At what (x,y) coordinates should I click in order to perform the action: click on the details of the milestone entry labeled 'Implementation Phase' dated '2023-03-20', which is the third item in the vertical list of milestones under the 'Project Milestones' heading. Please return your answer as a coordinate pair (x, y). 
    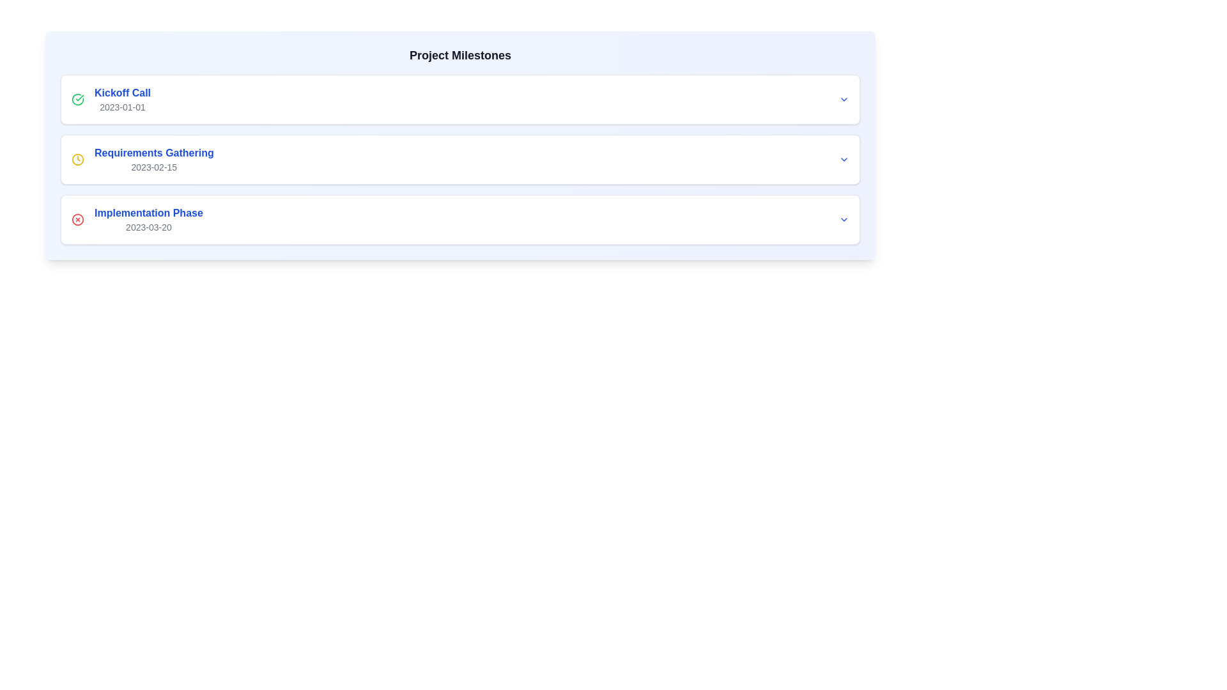
    Looking at the image, I should click on (460, 218).